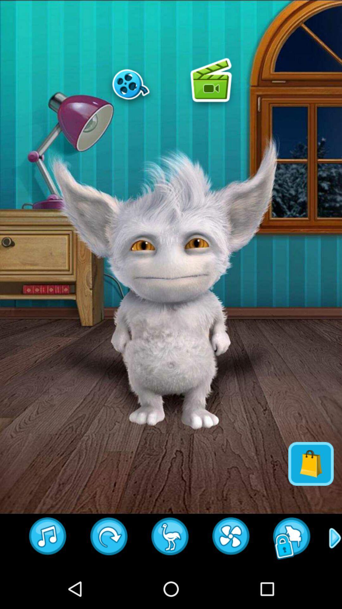  What do you see at coordinates (311, 496) in the screenshot?
I see `the shop icon` at bounding box center [311, 496].